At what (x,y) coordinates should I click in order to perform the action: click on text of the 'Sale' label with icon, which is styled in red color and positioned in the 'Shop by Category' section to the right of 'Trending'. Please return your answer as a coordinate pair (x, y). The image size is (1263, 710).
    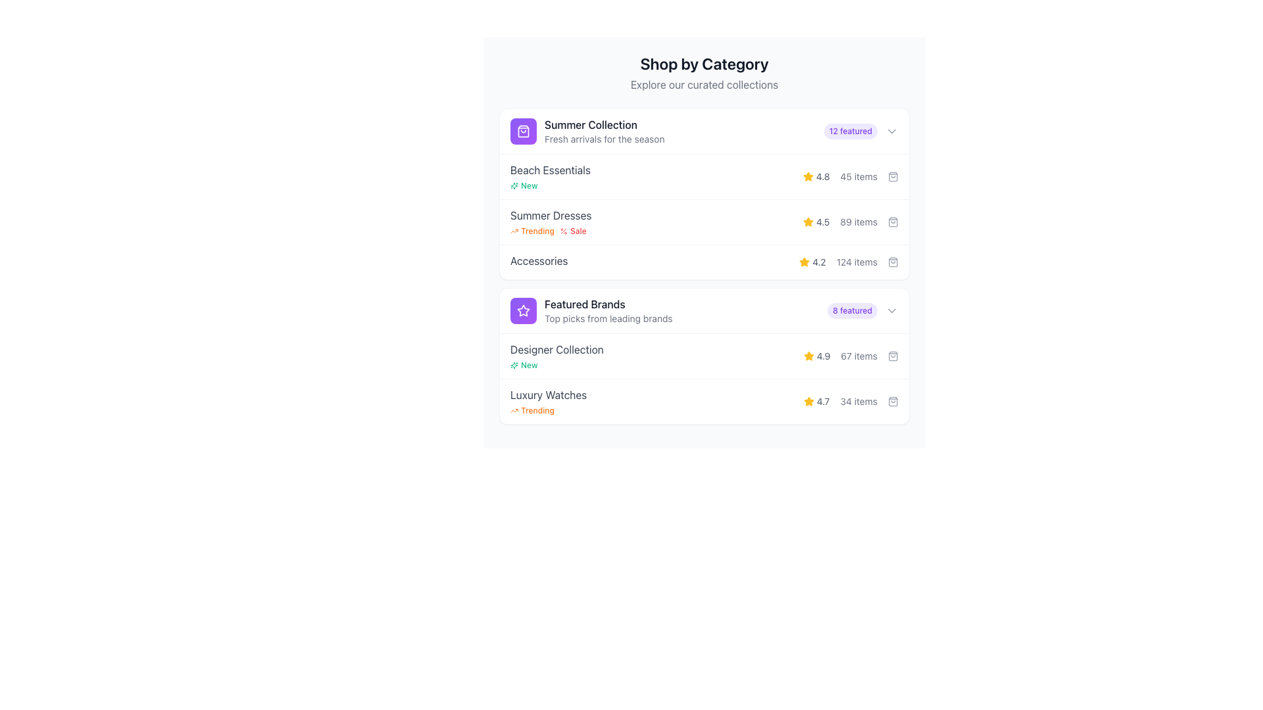
    Looking at the image, I should click on (573, 230).